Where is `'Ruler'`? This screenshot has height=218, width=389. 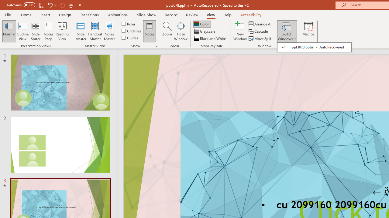 'Ruler' is located at coordinates (129, 23).